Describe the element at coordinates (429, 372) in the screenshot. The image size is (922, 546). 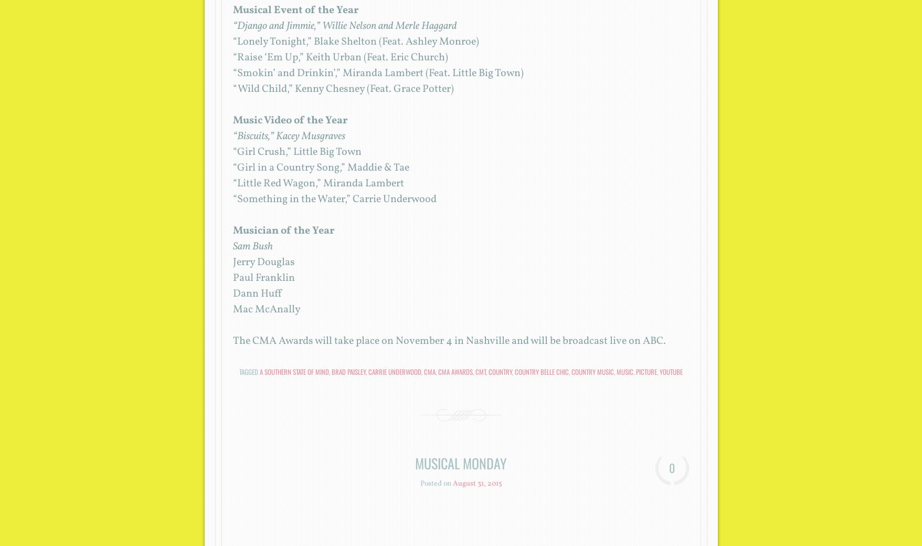
I see `'CMA'` at that location.